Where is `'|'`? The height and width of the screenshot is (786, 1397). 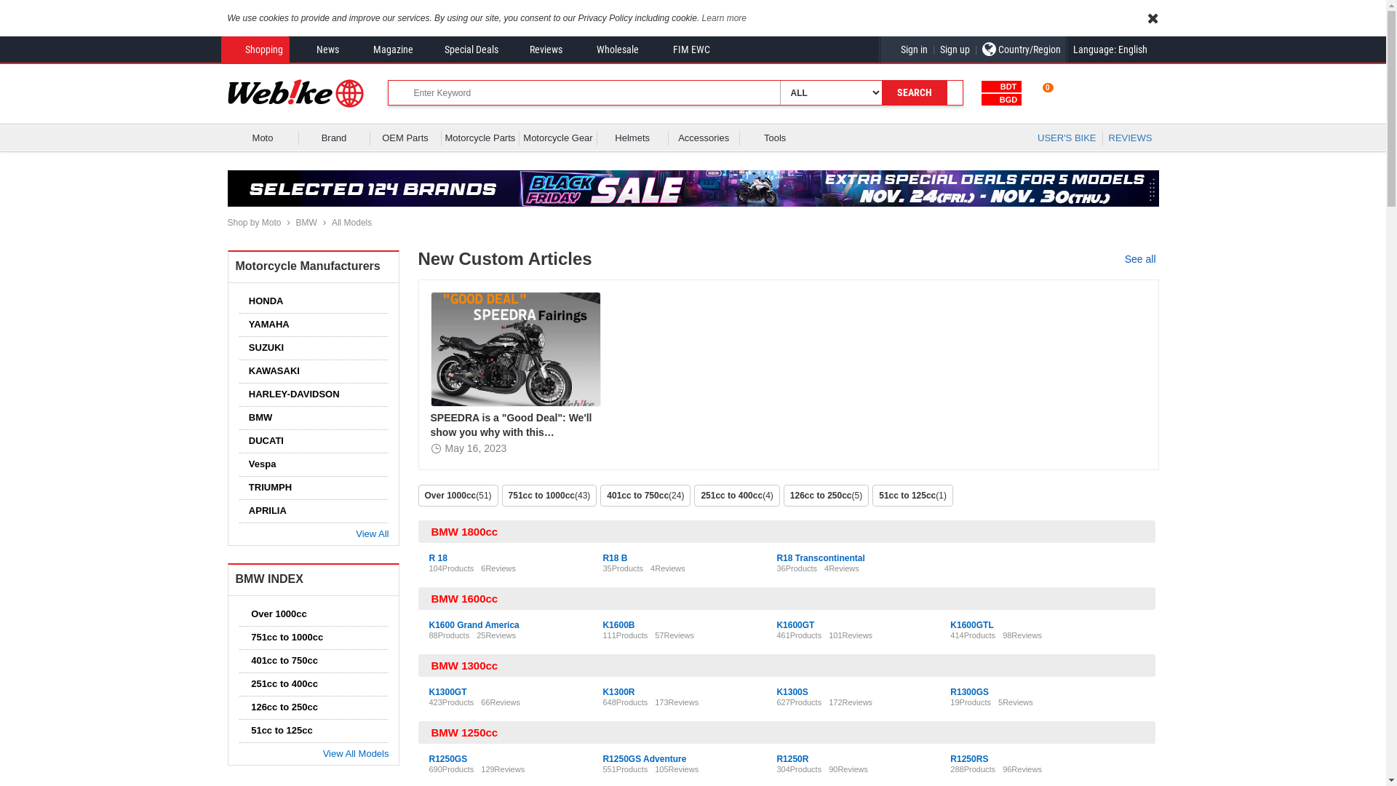
'|' is located at coordinates (976, 49).